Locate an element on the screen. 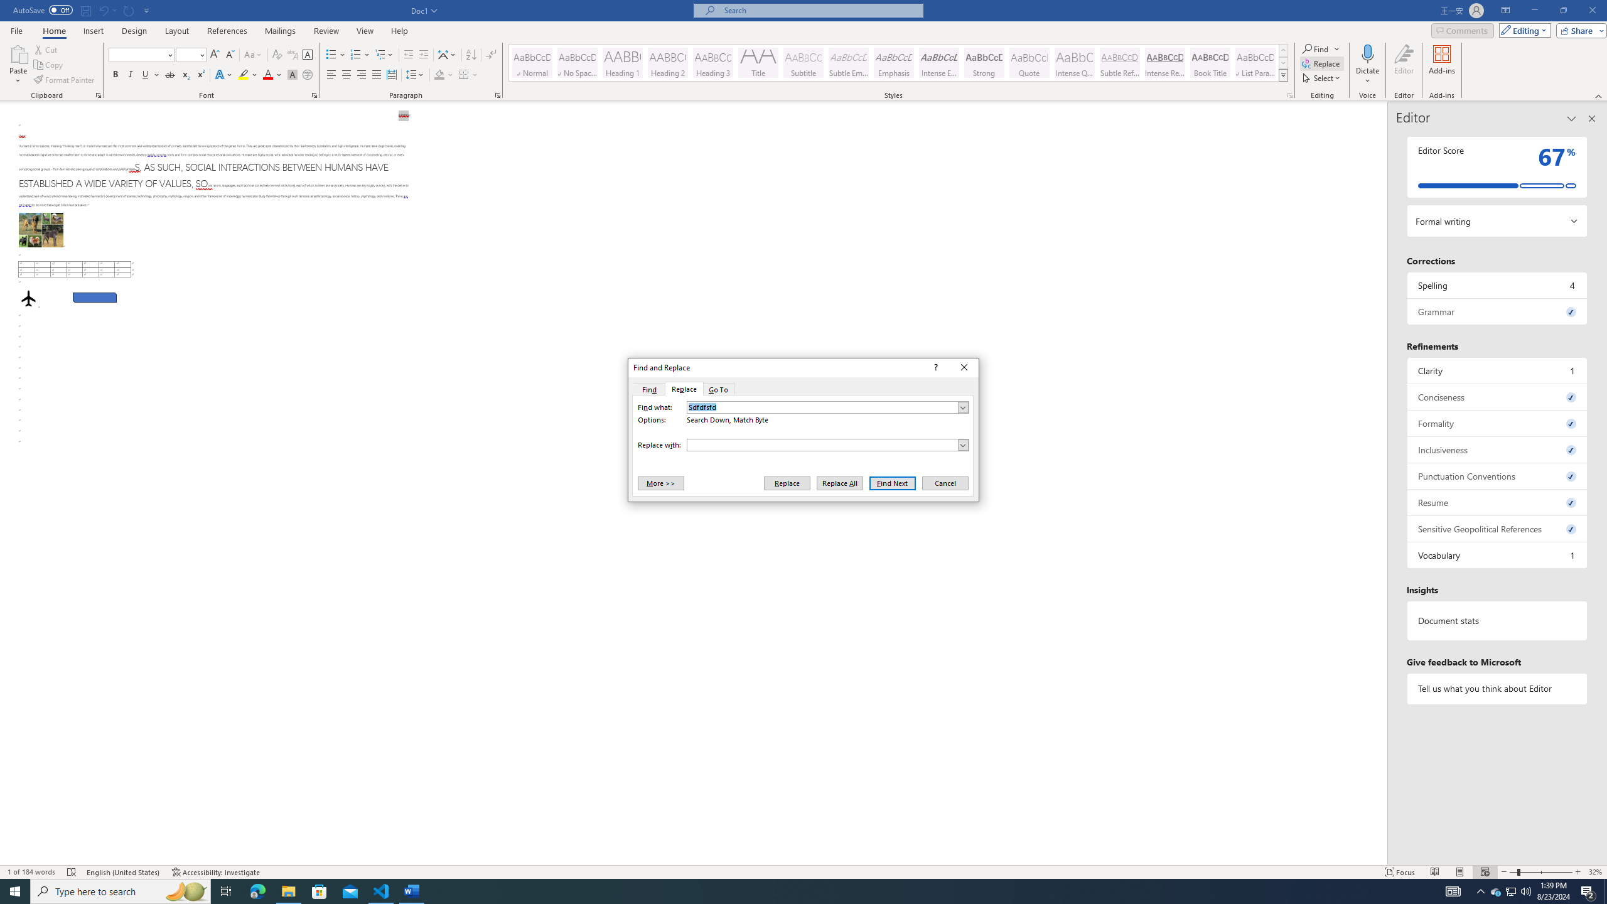 This screenshot has width=1607, height=904. 'Spelling, 4 issues. Press space or enter to review items.' is located at coordinates (1497, 284).